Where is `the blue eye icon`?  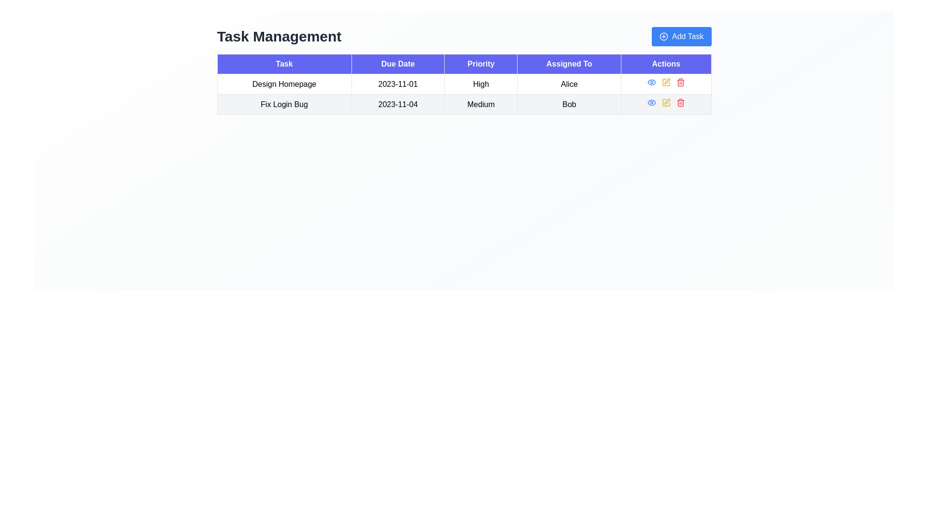 the blue eye icon is located at coordinates (651, 82).